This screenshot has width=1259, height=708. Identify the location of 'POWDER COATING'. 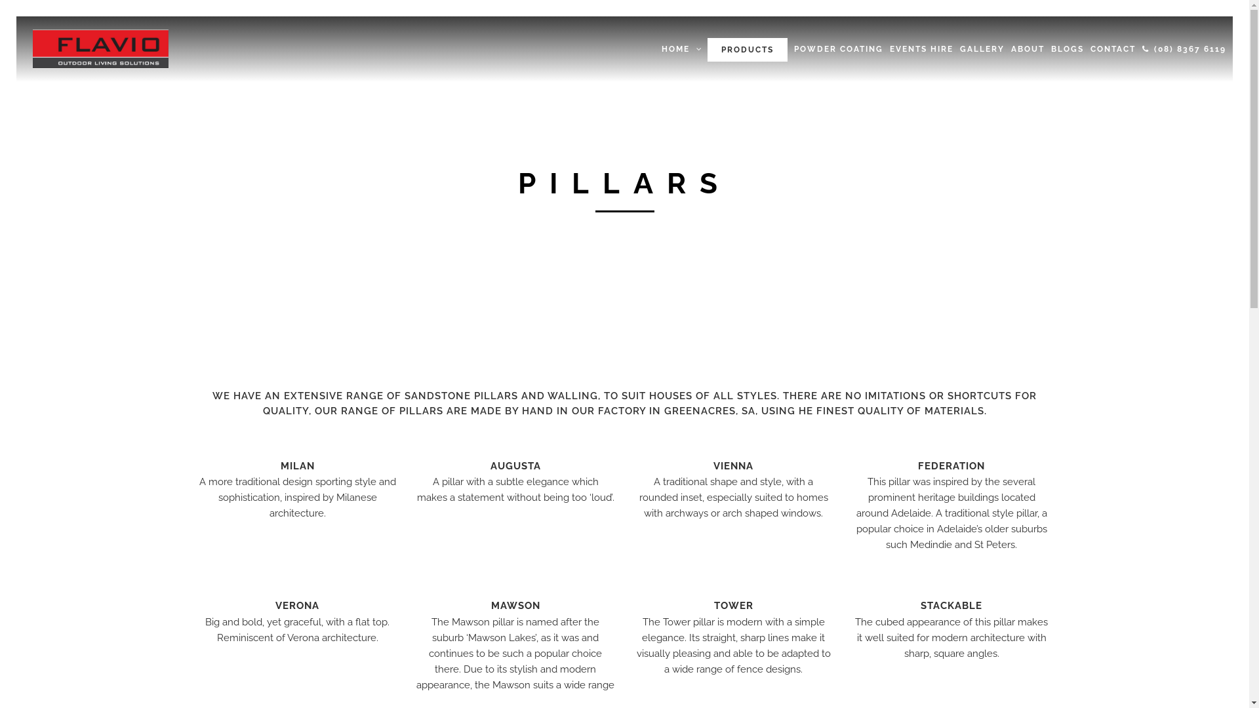
(837, 48).